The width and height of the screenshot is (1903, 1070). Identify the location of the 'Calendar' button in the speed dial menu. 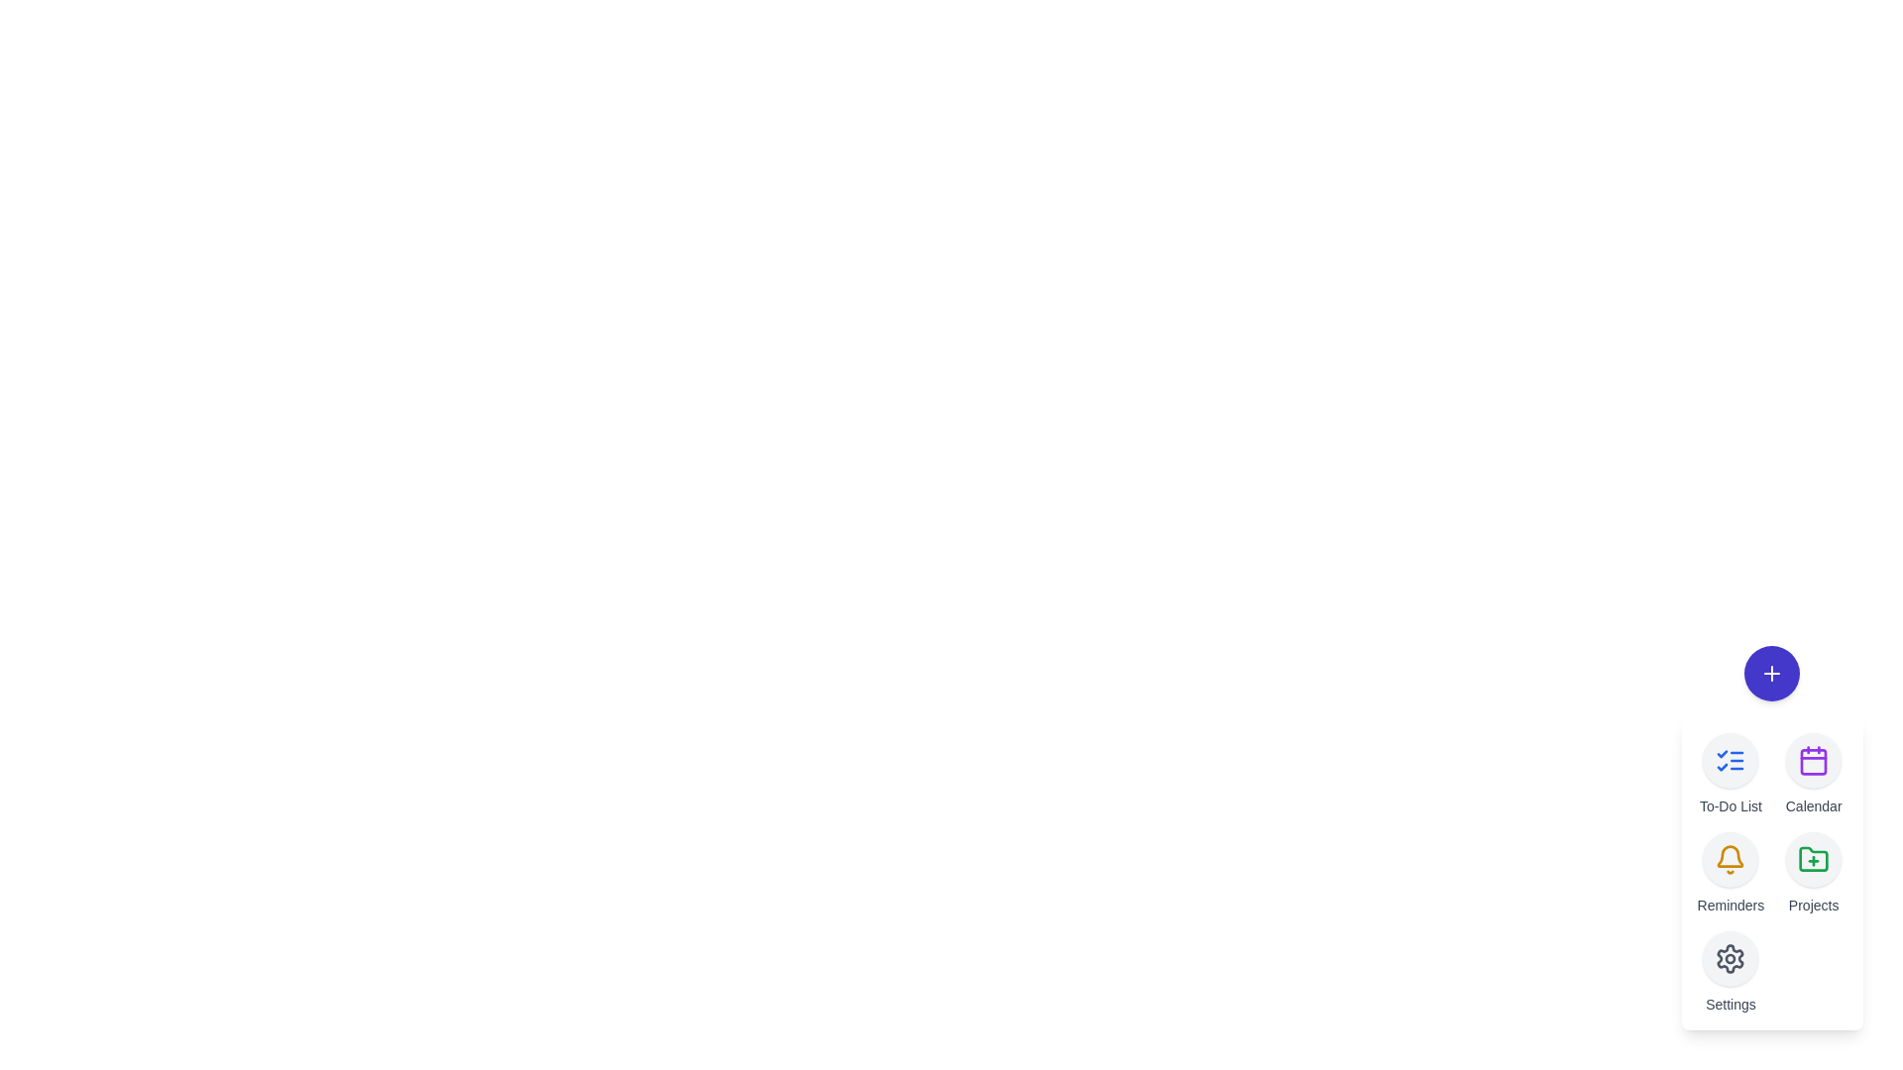
(1813, 759).